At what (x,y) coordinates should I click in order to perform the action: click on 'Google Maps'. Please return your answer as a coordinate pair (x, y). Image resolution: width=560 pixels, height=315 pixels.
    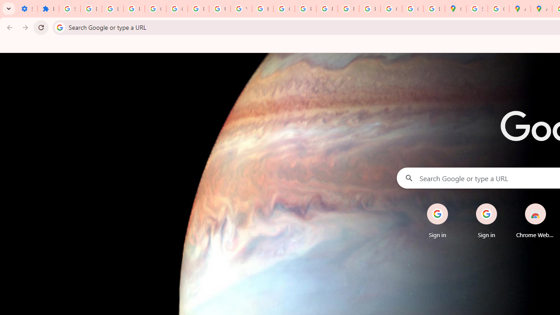
    Looking at the image, I should click on (455, 9).